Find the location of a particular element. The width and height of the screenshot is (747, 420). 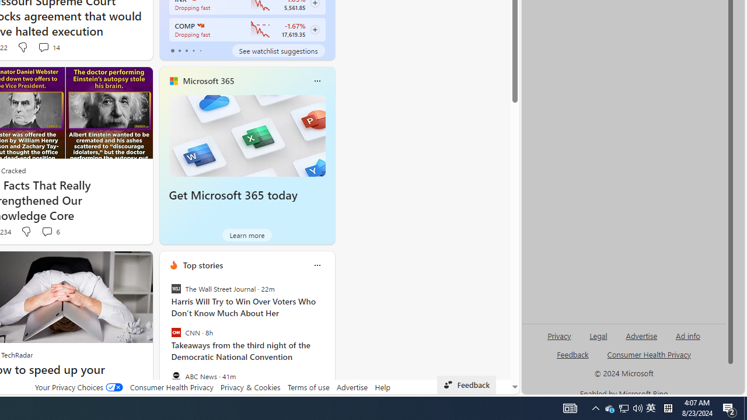

'View comments 6 Comment' is located at coordinates (50, 232).